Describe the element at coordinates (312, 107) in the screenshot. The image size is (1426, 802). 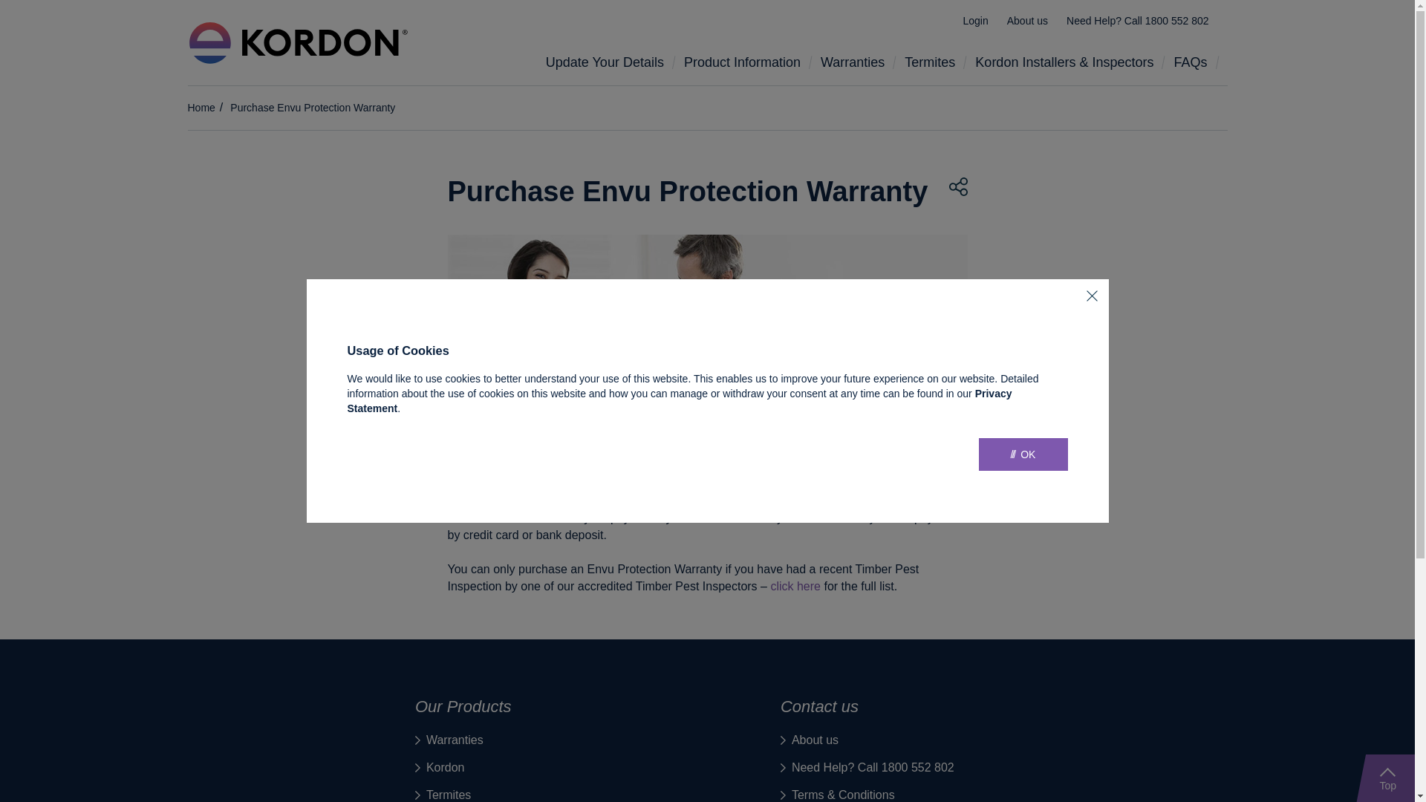
I see `'Purchase Envu Protection Warranty'` at that location.